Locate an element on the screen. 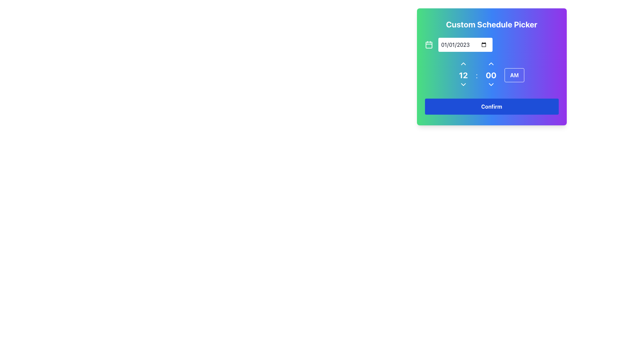 Image resolution: width=642 pixels, height=361 pixels. the small upward-pointing arrow icon button located directly above the numeric value '12' in the time selection area of the schedule picker interface to increment the hour value is located at coordinates (463, 64).